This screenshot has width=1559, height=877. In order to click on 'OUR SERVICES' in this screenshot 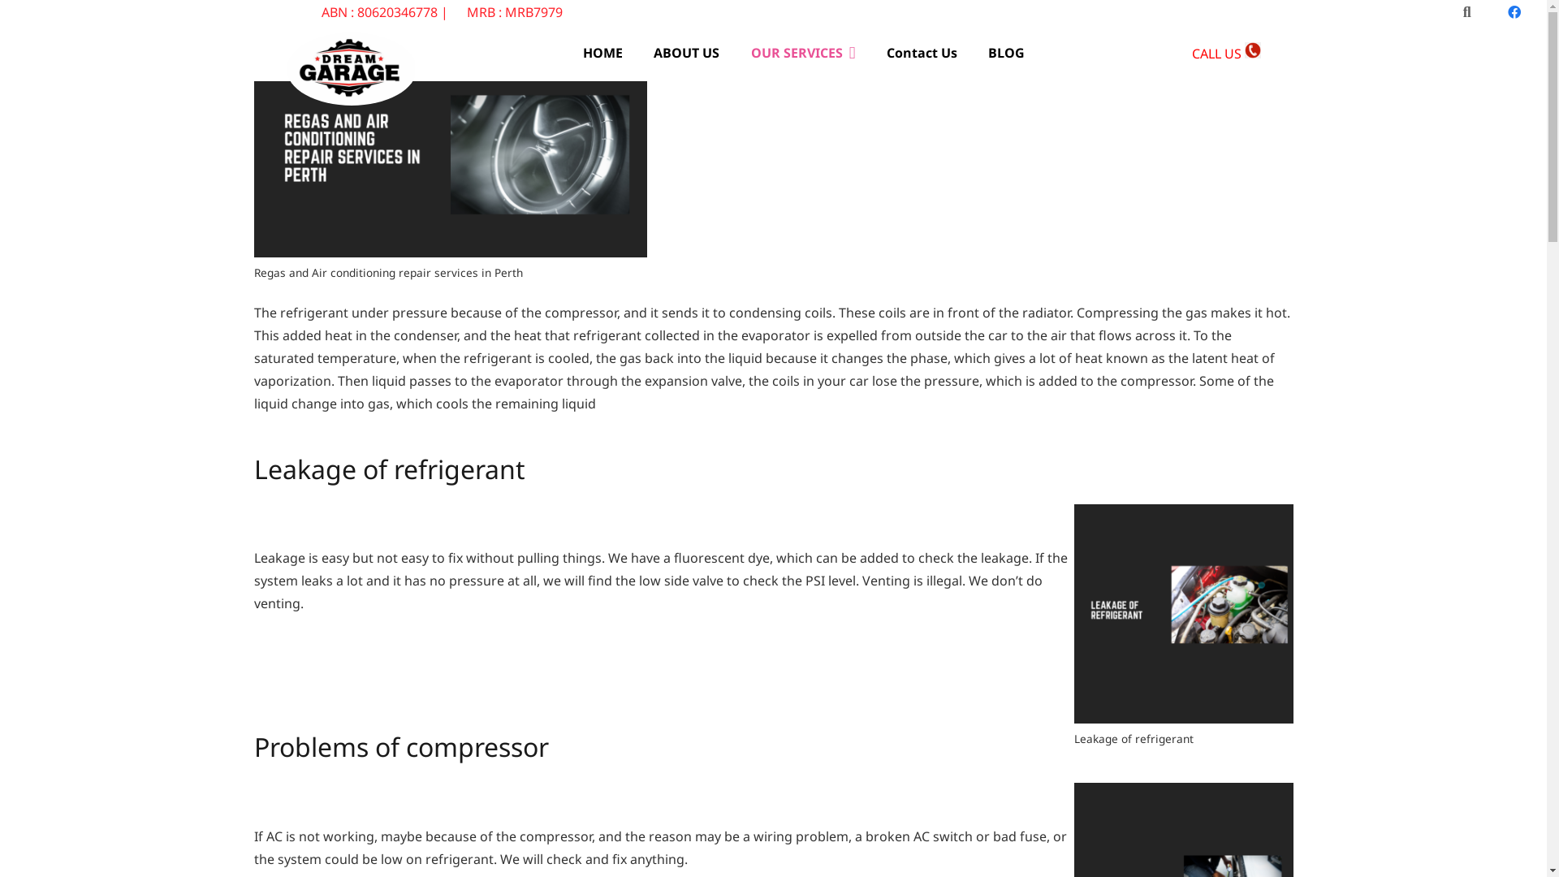, I will do `click(734, 52)`.